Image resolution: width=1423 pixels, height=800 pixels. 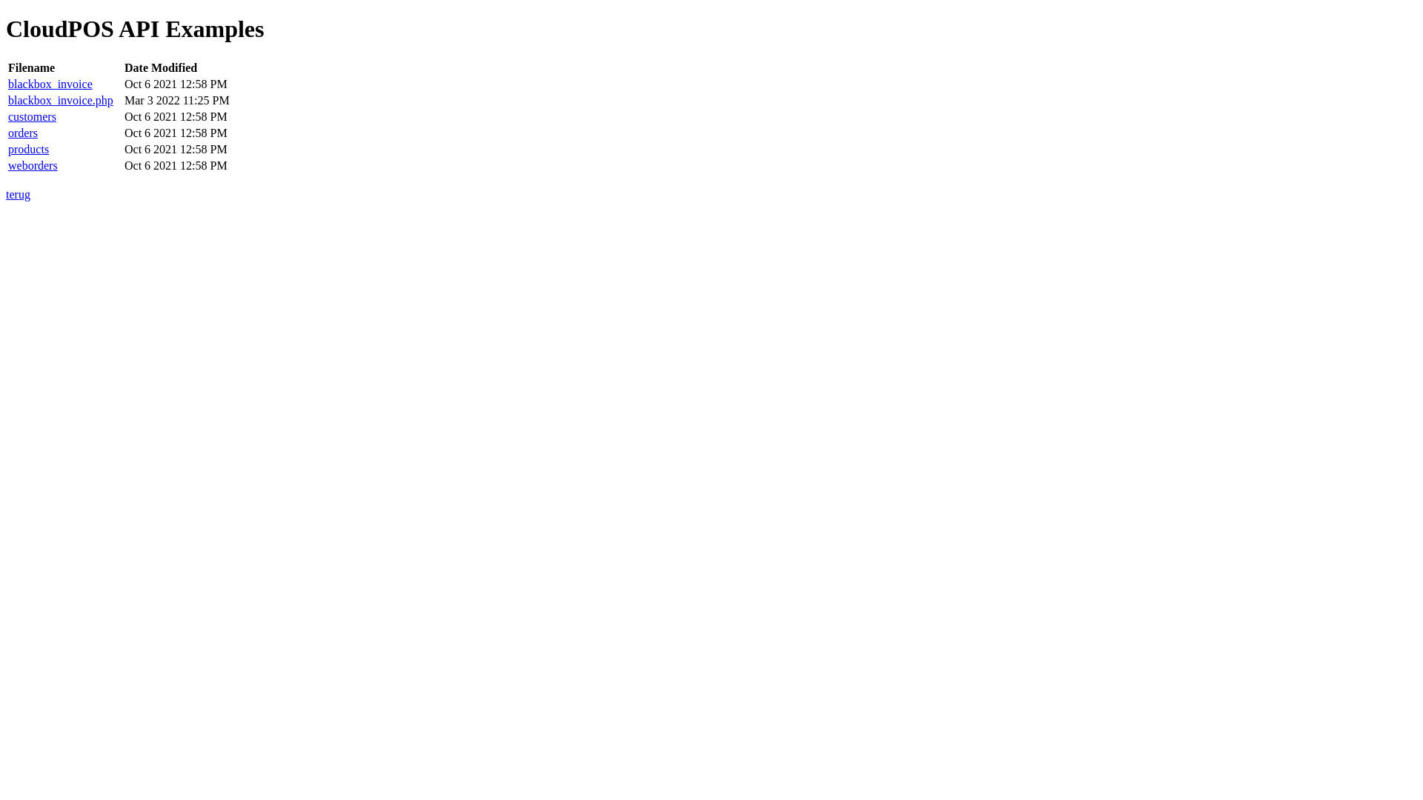 What do you see at coordinates (18, 193) in the screenshot?
I see `'terug'` at bounding box center [18, 193].